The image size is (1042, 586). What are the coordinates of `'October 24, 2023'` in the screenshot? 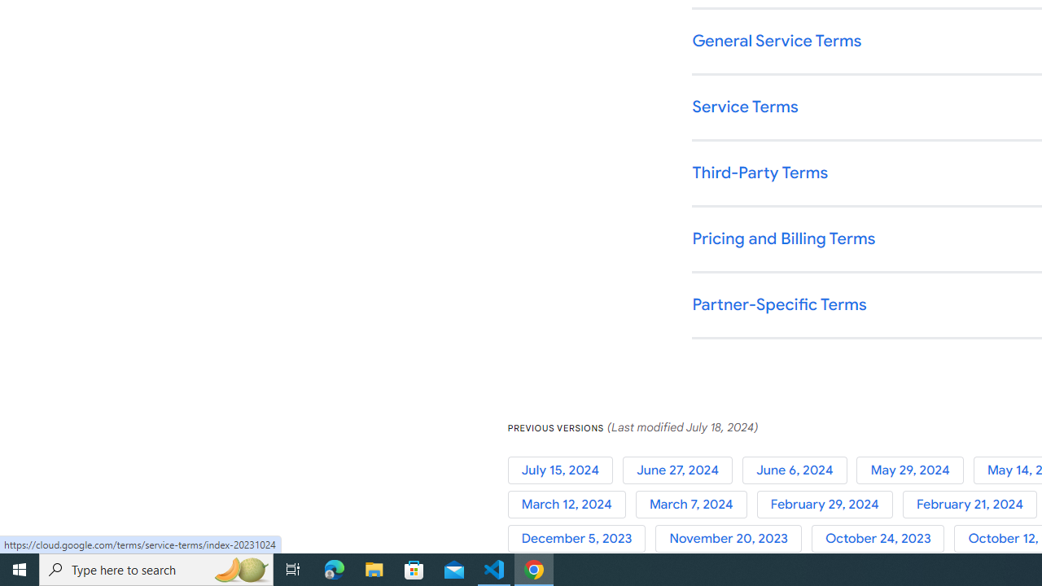 It's located at (882, 539).